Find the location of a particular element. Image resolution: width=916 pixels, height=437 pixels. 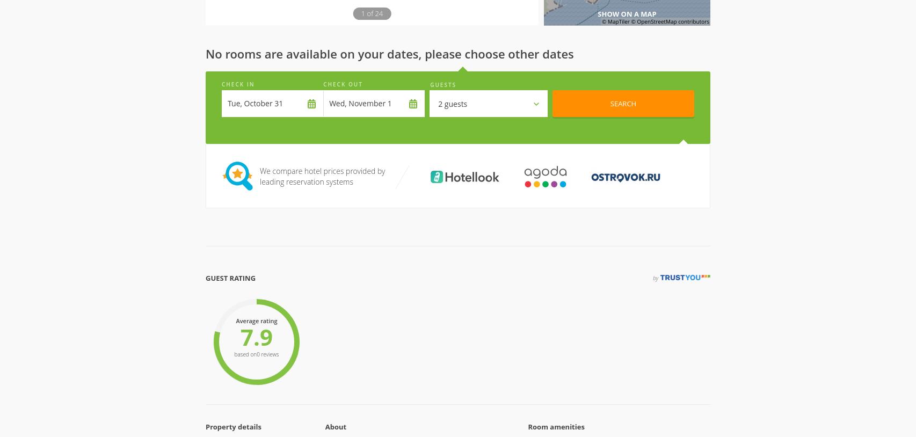

'14:00' is located at coordinates (378, 227).